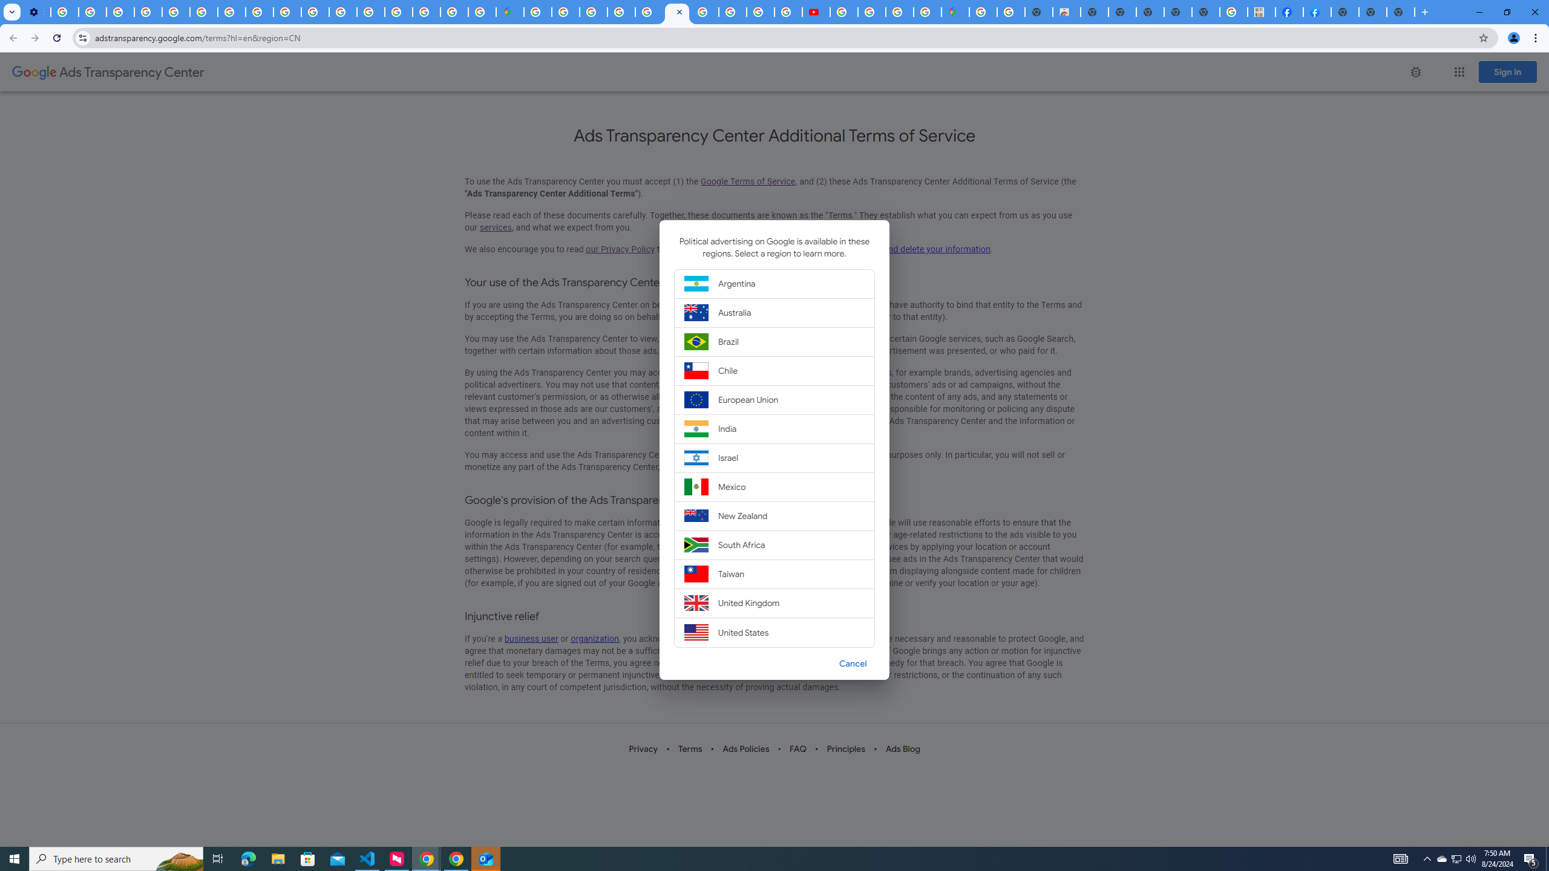 This screenshot has height=871, width=1549. Describe the element at coordinates (594, 639) in the screenshot. I see `'organization'` at that location.